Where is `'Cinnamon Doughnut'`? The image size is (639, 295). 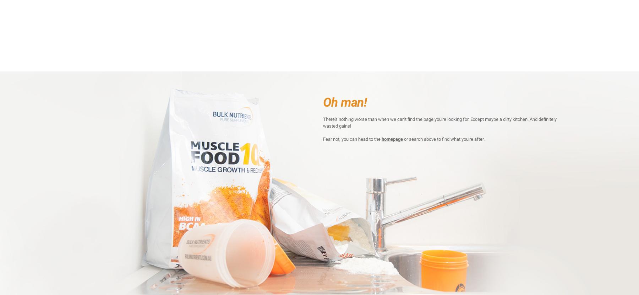 'Cinnamon Doughnut' is located at coordinates (274, 32).